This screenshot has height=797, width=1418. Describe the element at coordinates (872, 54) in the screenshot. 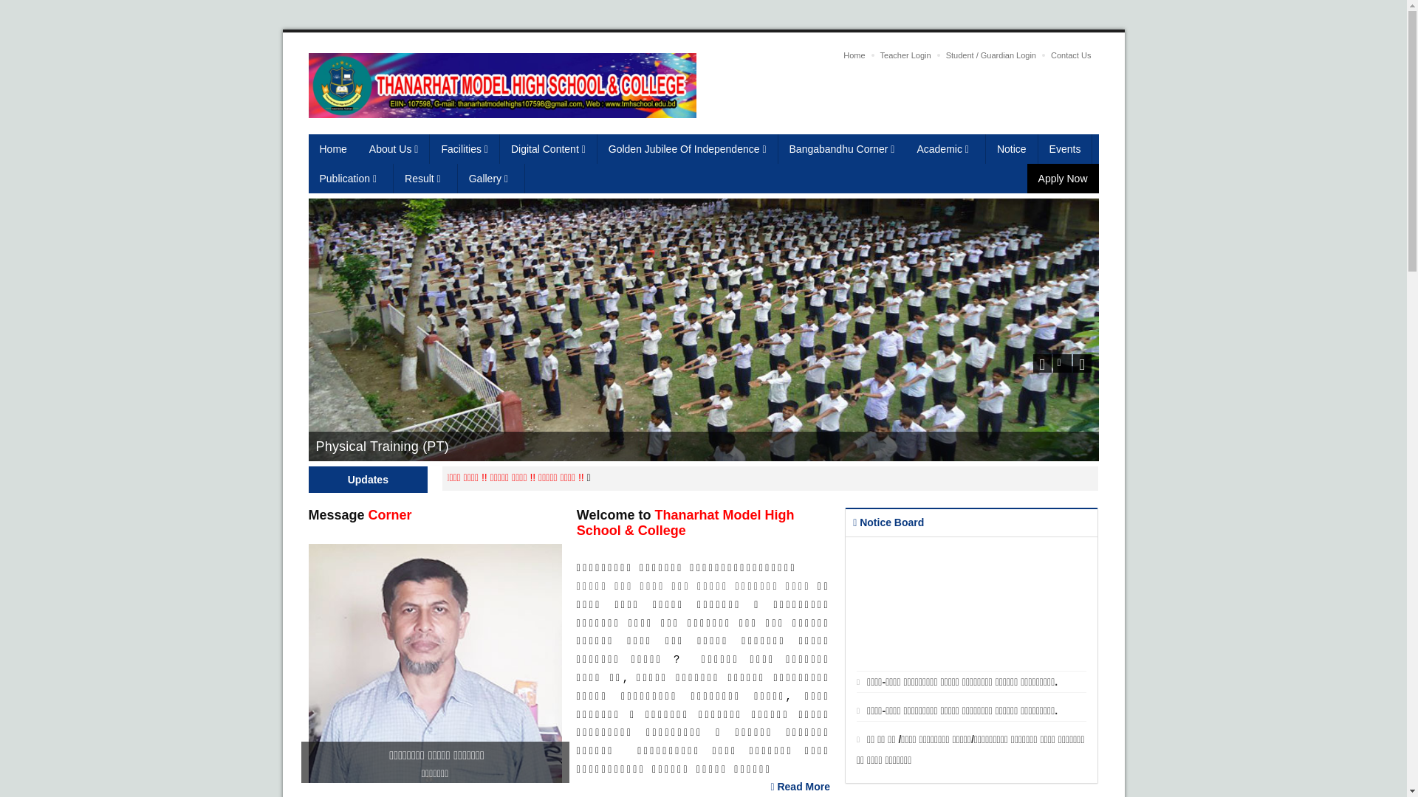

I see `'Teacher Login'` at that location.